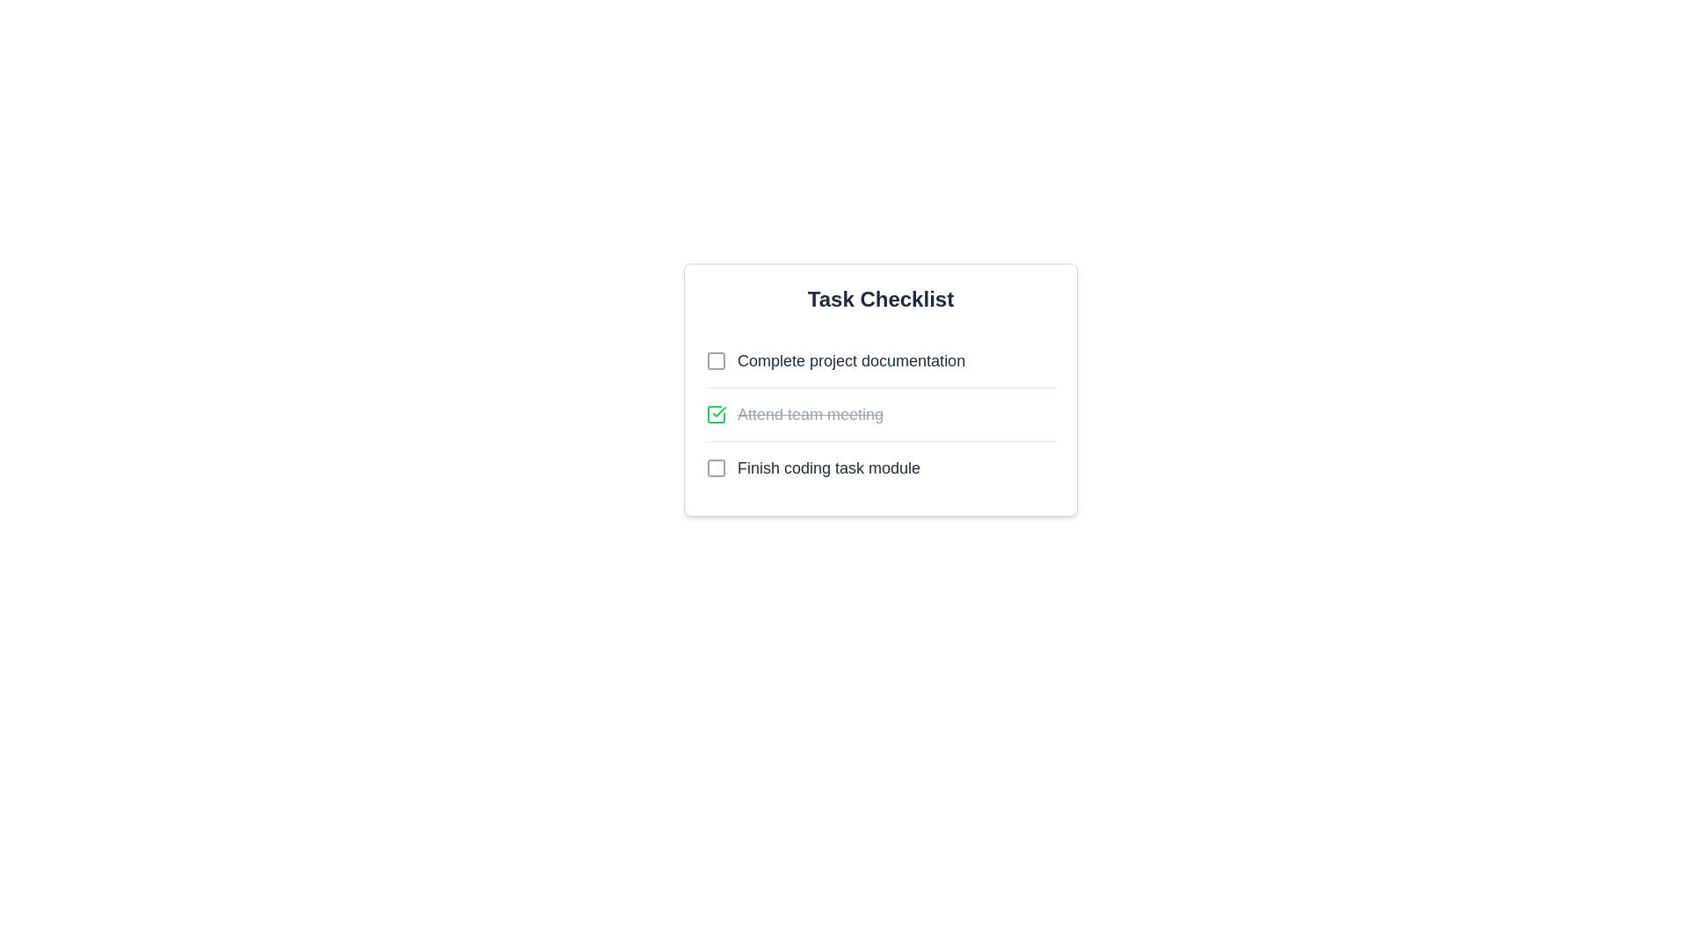  Describe the element at coordinates (809, 414) in the screenshot. I see `the text label displaying 'Attend team meeting', which has a strikethrough signifying a completed task in the 'Task Checklist' modal` at that location.